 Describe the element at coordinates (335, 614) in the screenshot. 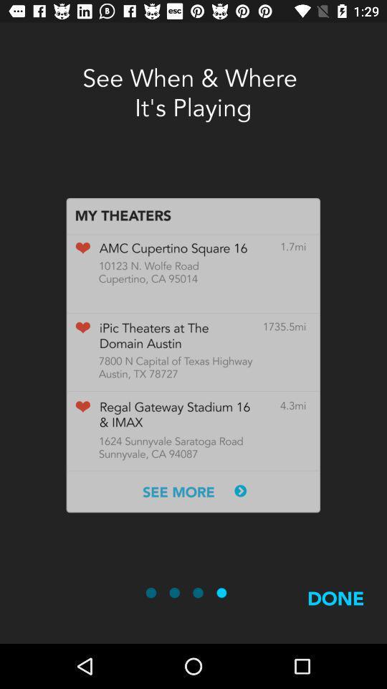

I see `the done` at that location.